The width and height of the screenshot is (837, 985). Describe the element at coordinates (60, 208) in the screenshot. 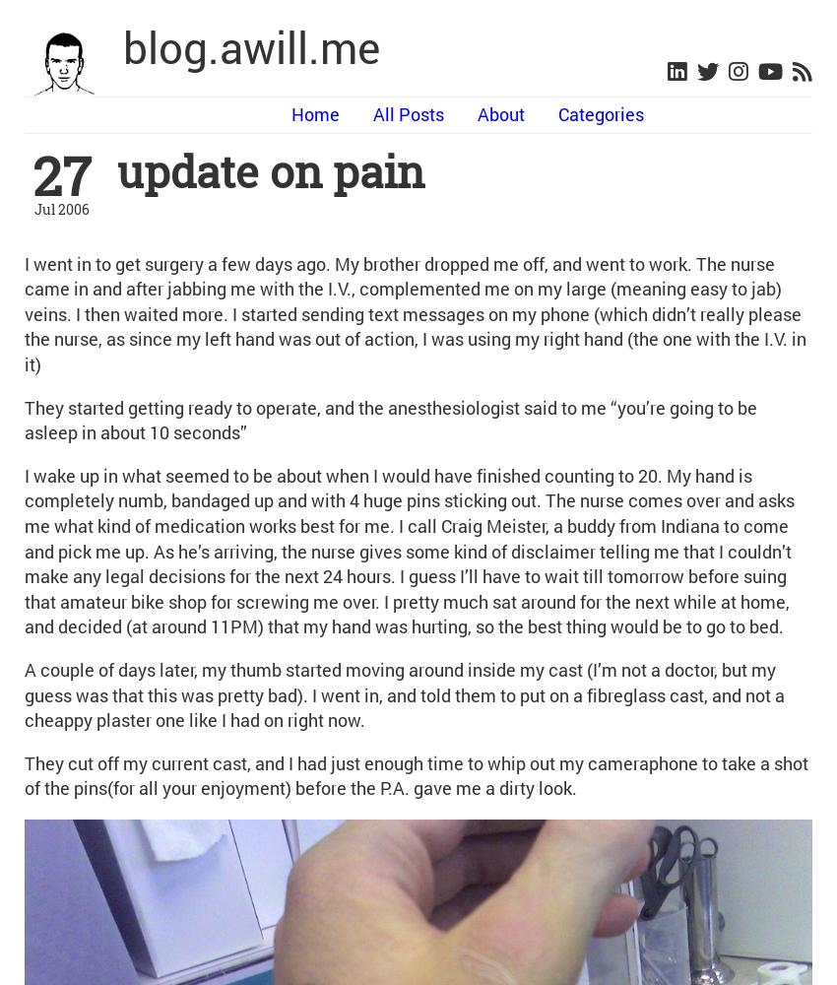

I see `'Jul 2006'` at that location.